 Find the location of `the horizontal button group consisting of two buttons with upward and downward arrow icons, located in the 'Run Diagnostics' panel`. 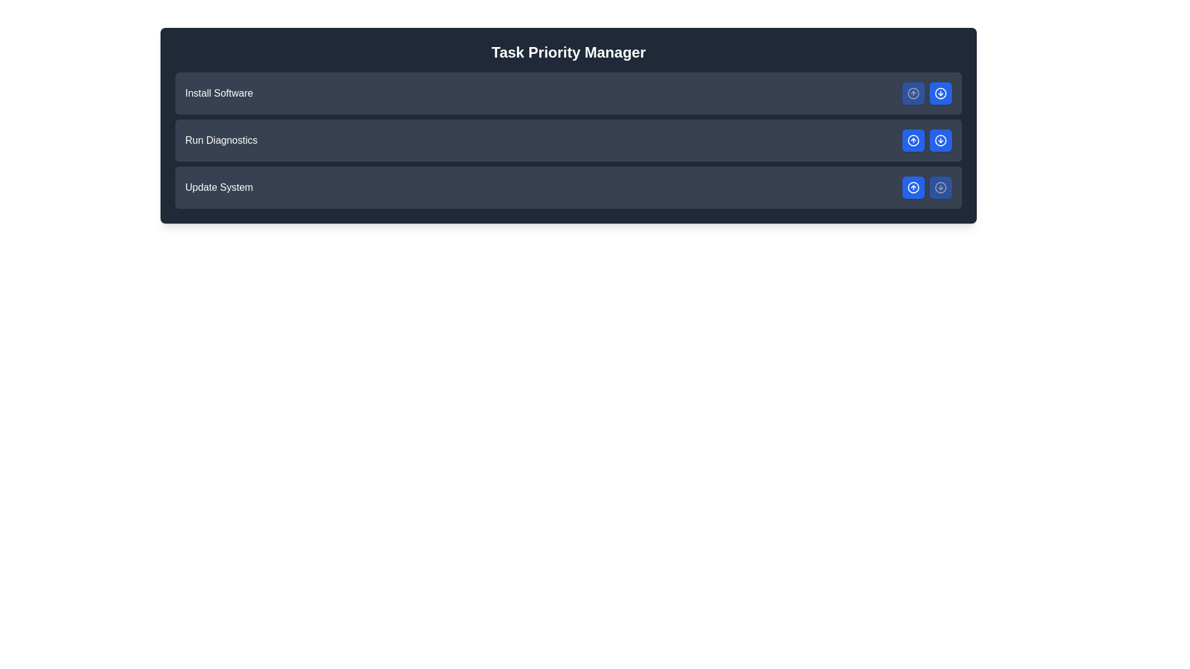

the horizontal button group consisting of two buttons with upward and downward arrow icons, located in the 'Run Diagnostics' panel is located at coordinates (927, 140).